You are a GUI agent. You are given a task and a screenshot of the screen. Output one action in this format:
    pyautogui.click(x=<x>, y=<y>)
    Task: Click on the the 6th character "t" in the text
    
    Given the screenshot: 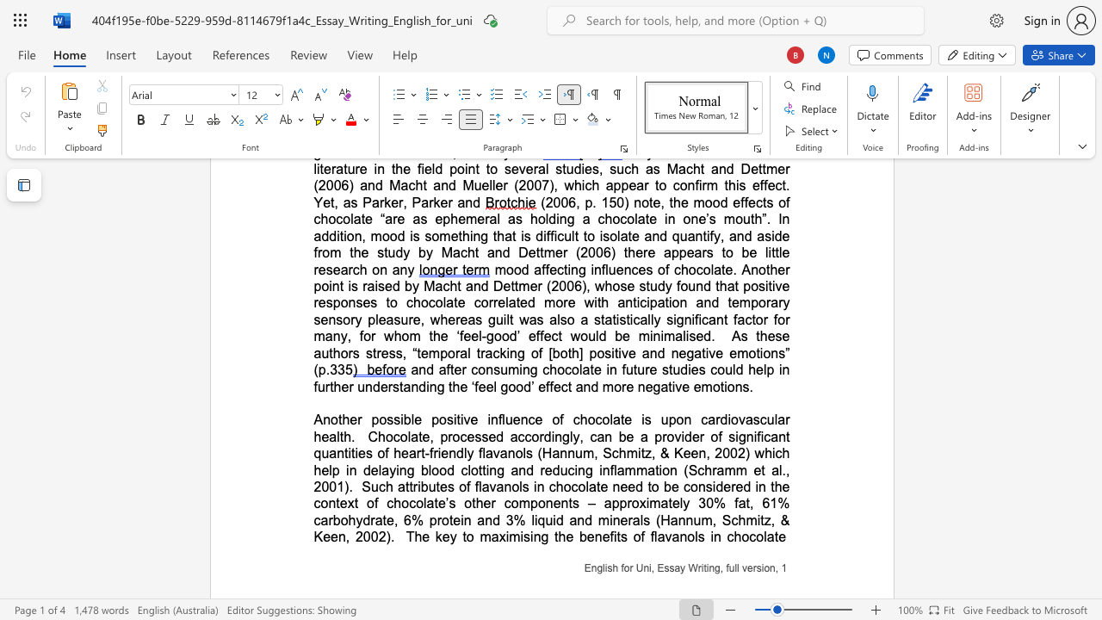 What is the action you would take?
    pyautogui.click(x=400, y=385)
    